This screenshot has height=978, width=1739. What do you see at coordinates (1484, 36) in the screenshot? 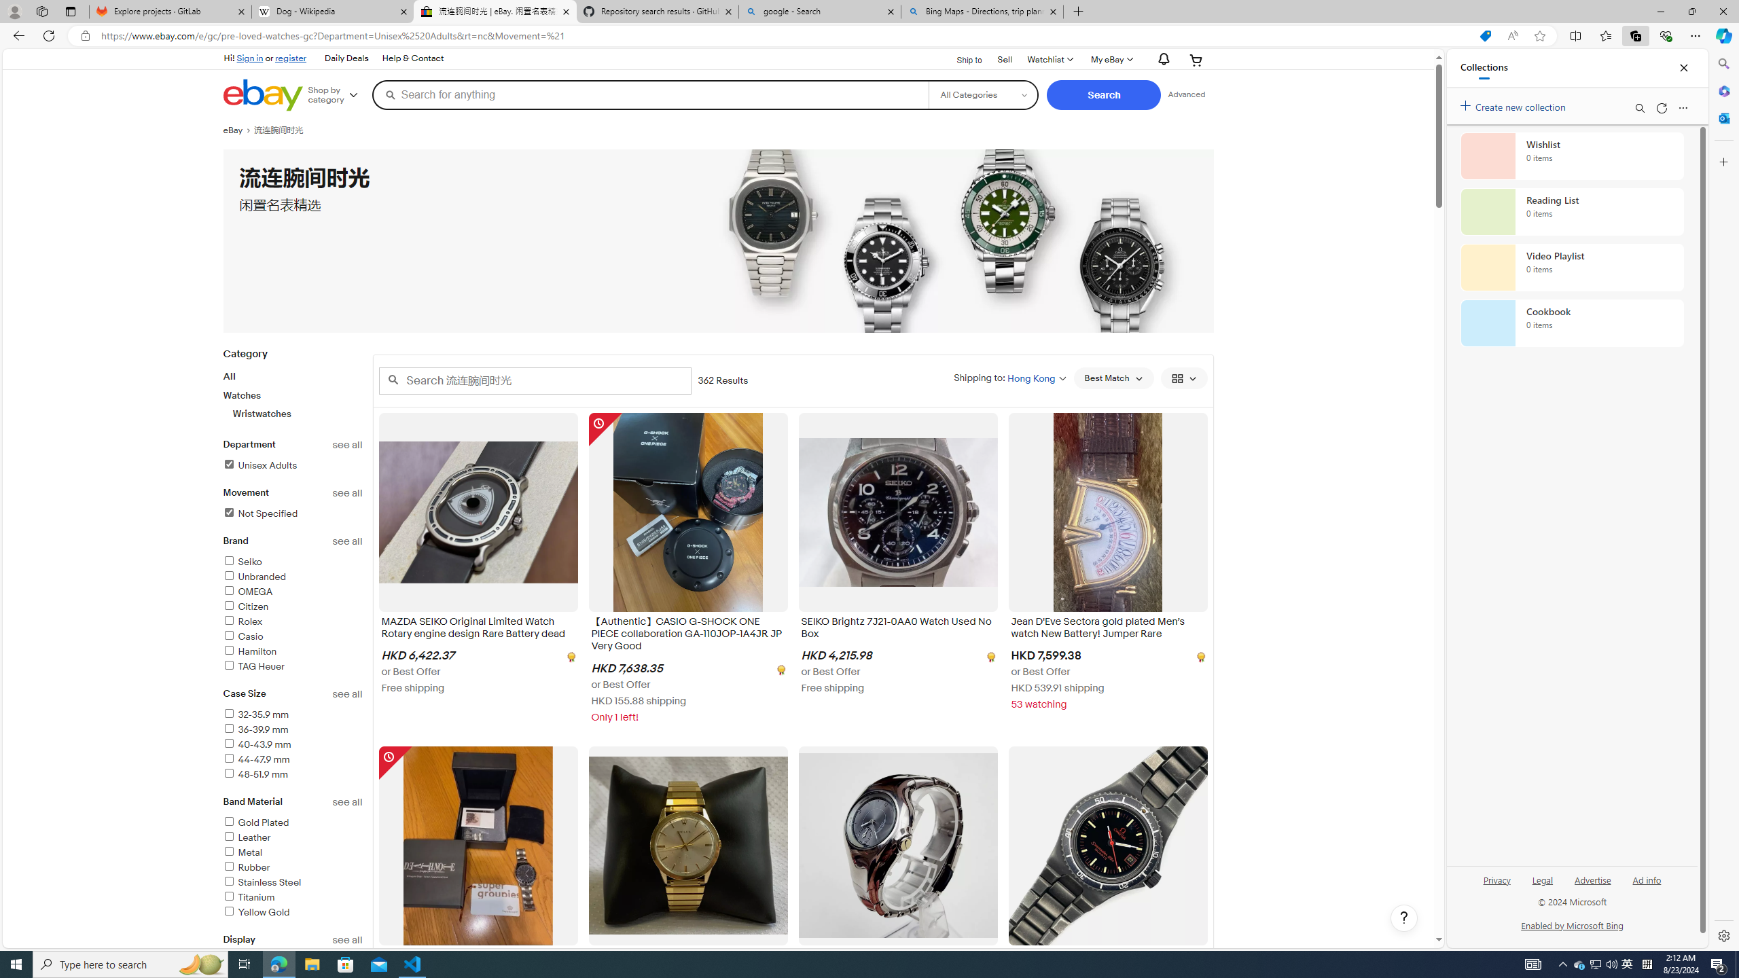
I see `'This site has coupons! Shopping in Microsoft Edge, 20'` at bounding box center [1484, 36].